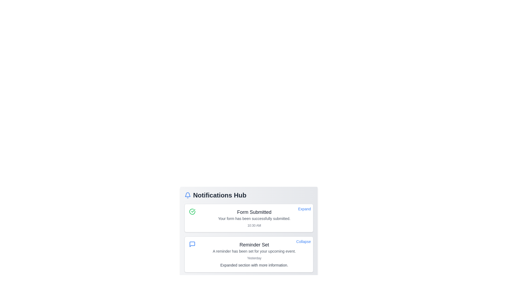 The height and width of the screenshot is (289, 515). Describe the element at coordinates (188, 195) in the screenshot. I see `the notification icon located at the top center of the notification panel to interact with it` at that location.